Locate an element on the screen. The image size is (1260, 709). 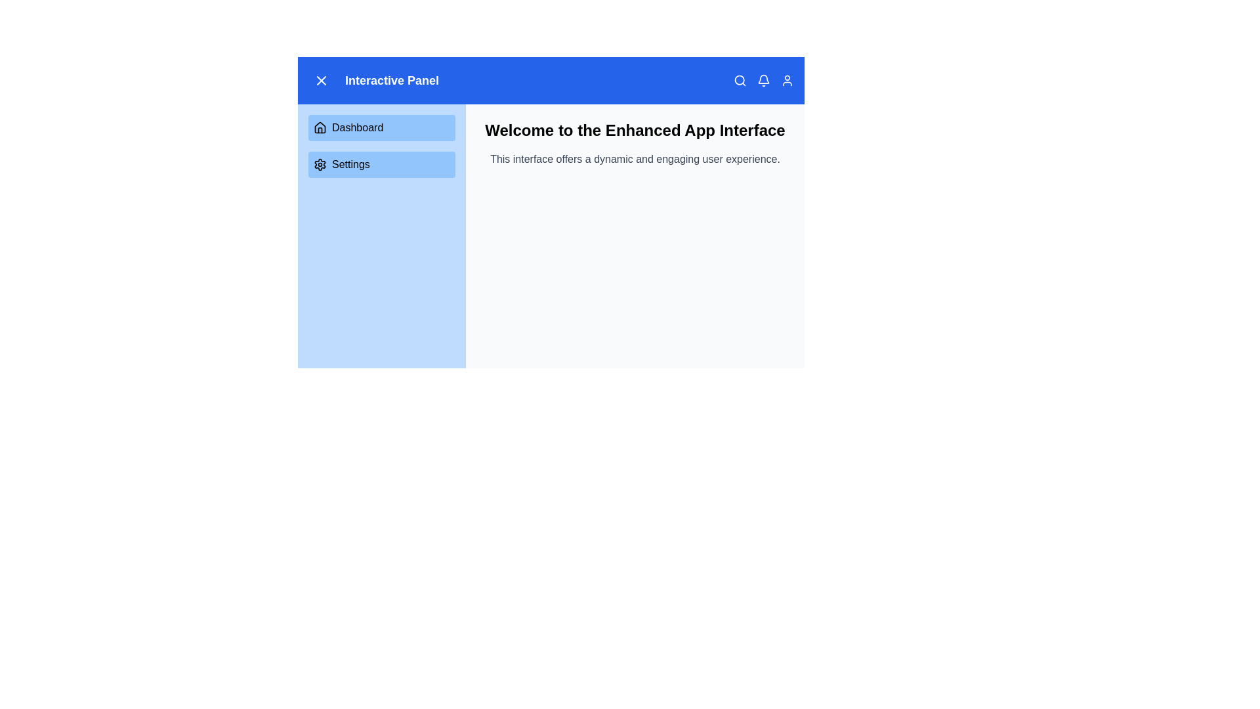
the notification bell icon, the second interactive icon in the top-right corner of the interface is located at coordinates (763, 81).